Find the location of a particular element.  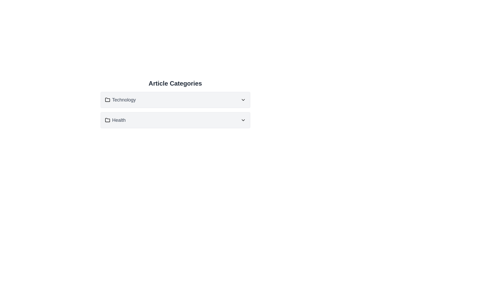

the downward-pointing chevron icon located on the right side of the 'Health' section is located at coordinates (243, 120).